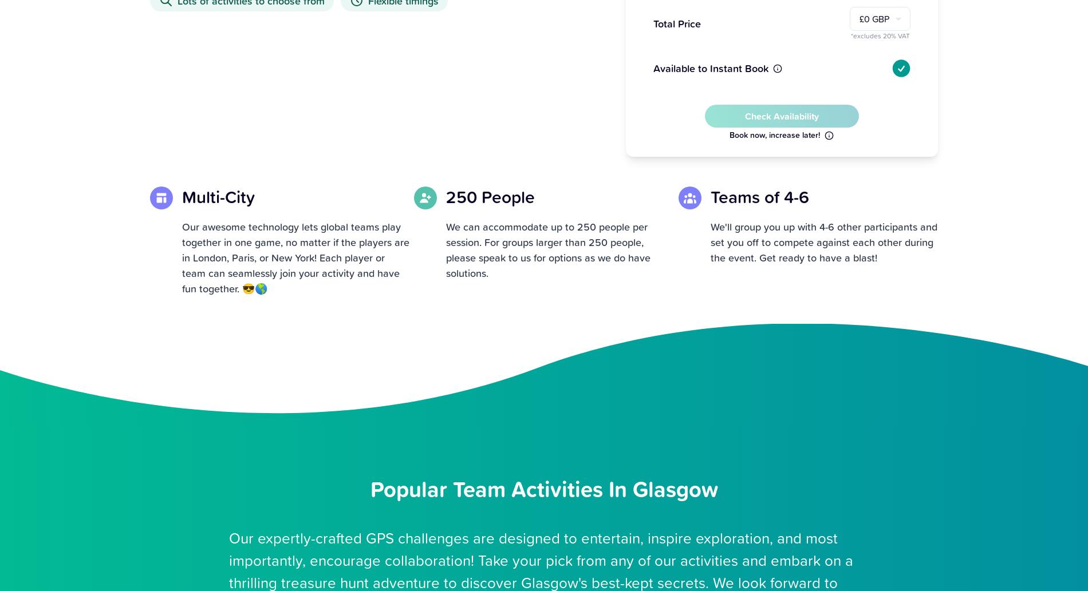  Describe the element at coordinates (295, 257) in the screenshot. I see `'Our awesome technology lets global teams play together in one game, no matter if the players are in London, Paris, or New York! Each player or team can seamlessly join your activity and have fun together. 😎🌎'` at that location.